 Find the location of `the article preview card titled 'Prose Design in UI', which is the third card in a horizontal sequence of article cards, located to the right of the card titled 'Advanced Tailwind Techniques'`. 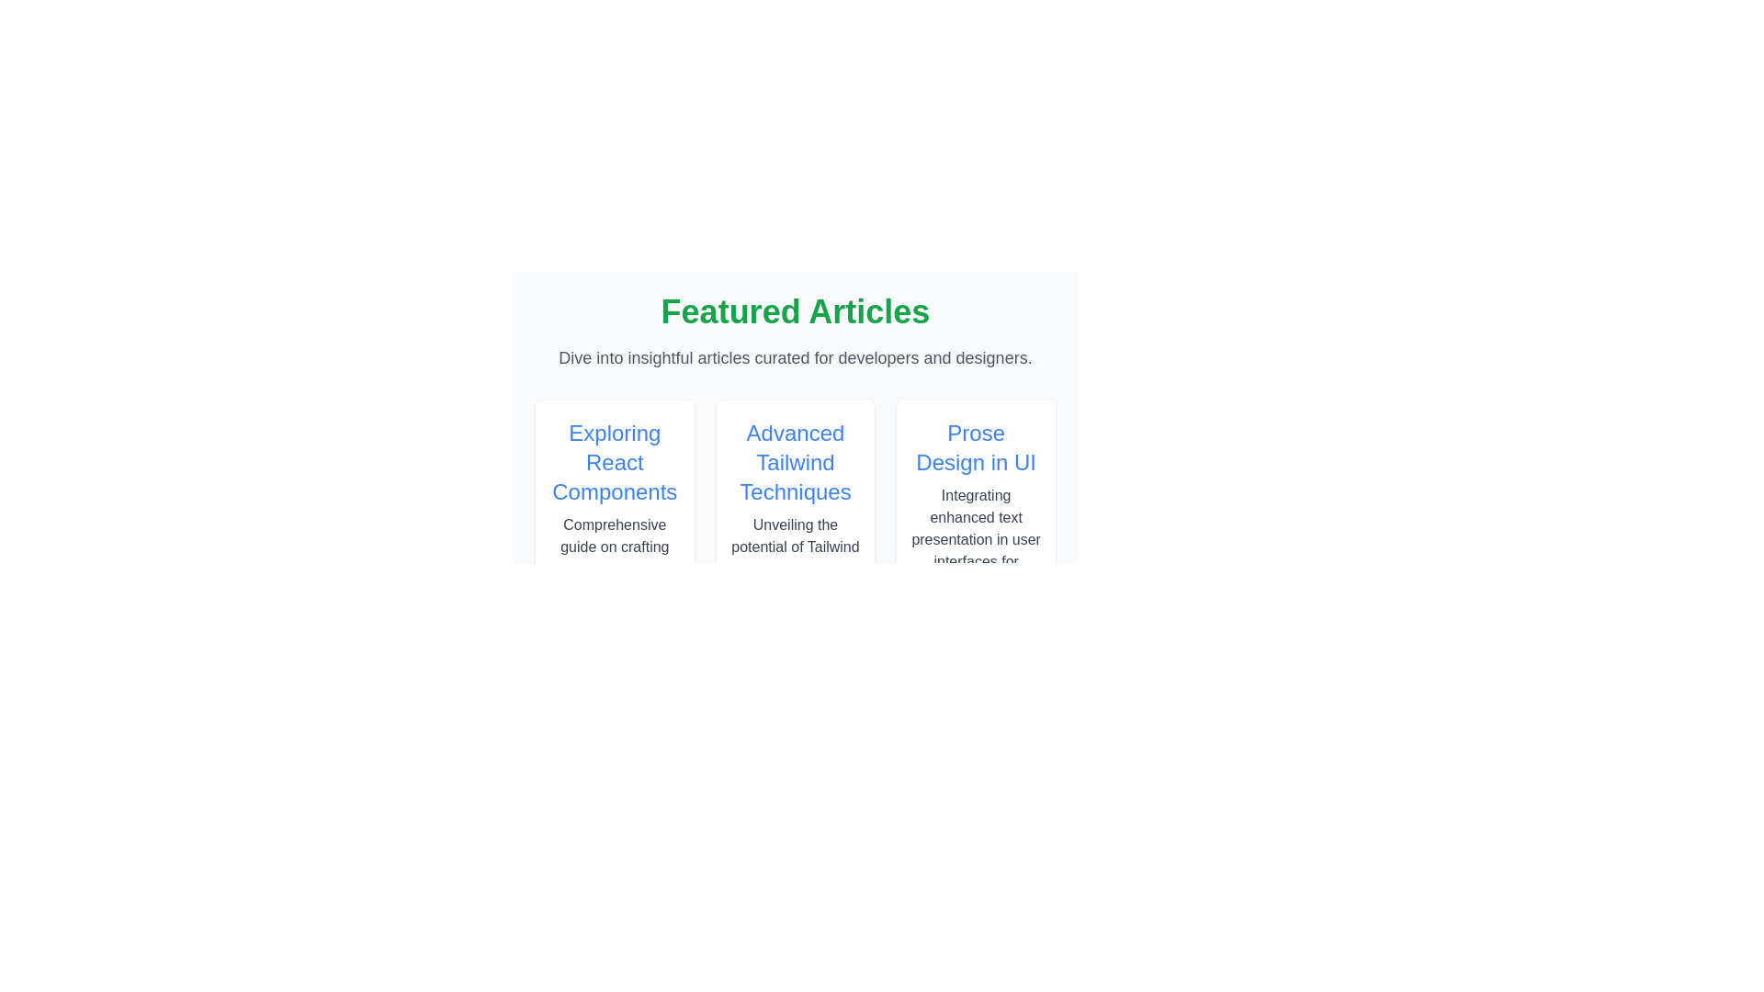

the article preview card titled 'Prose Design in UI', which is the third card in a horizontal sequence of article cards, located to the right of the card titled 'Advanced Tailwind Techniques' is located at coordinates (975, 506).